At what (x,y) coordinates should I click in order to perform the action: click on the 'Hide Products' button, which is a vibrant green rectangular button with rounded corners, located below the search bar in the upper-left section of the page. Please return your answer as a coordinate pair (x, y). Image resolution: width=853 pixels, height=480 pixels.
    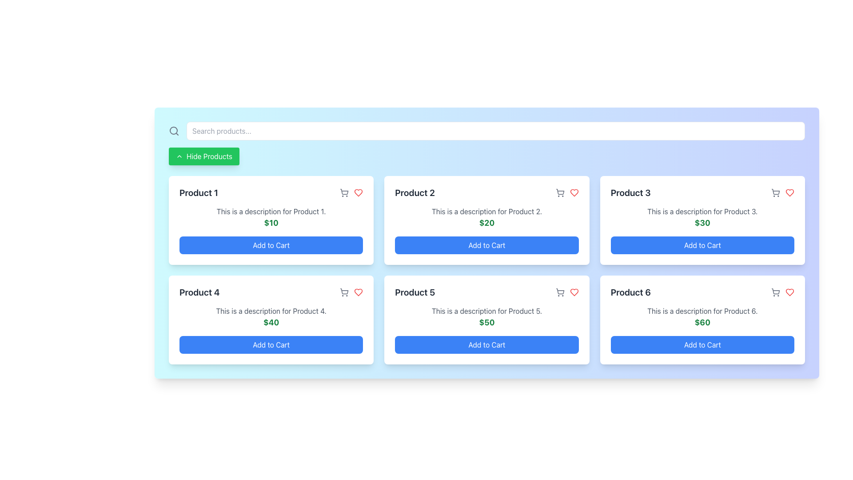
    Looking at the image, I should click on (203, 156).